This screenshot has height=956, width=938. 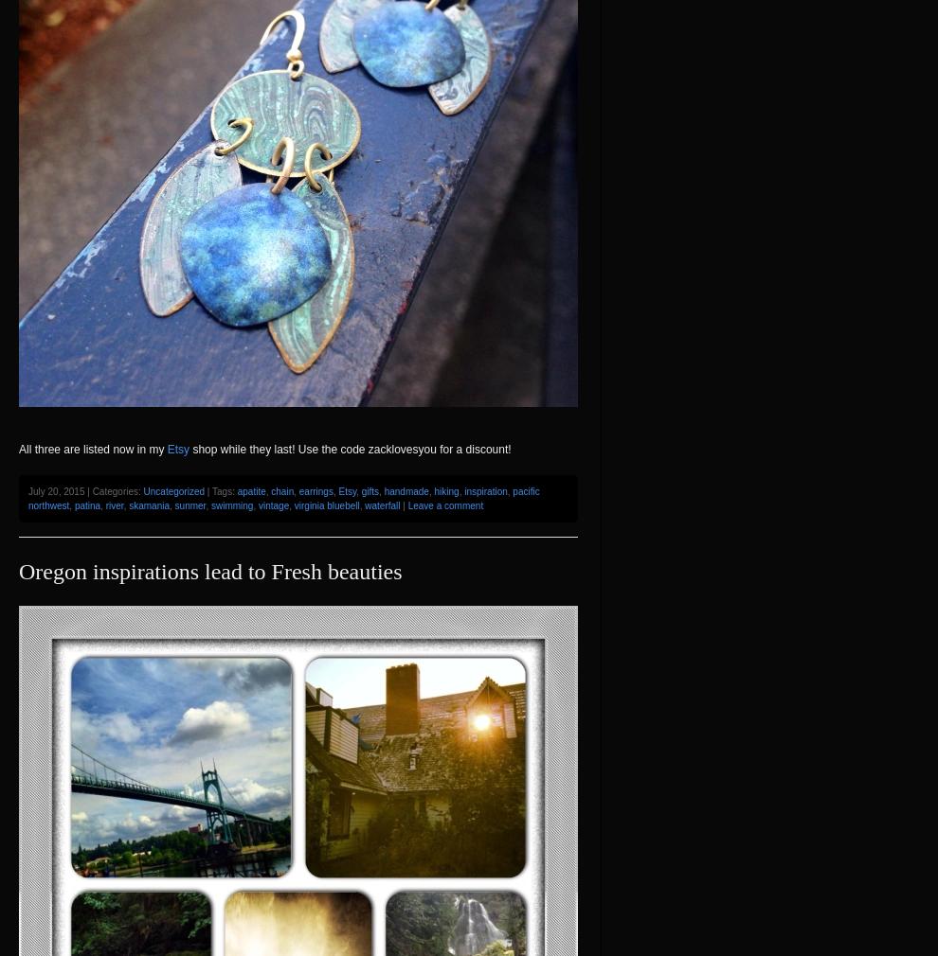 I want to click on 'vintage', so click(x=273, y=505).